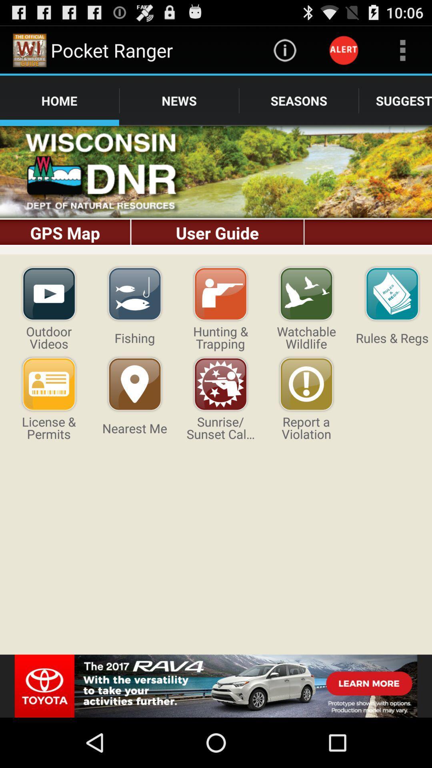 The image size is (432, 768). I want to click on view add, so click(216, 686).